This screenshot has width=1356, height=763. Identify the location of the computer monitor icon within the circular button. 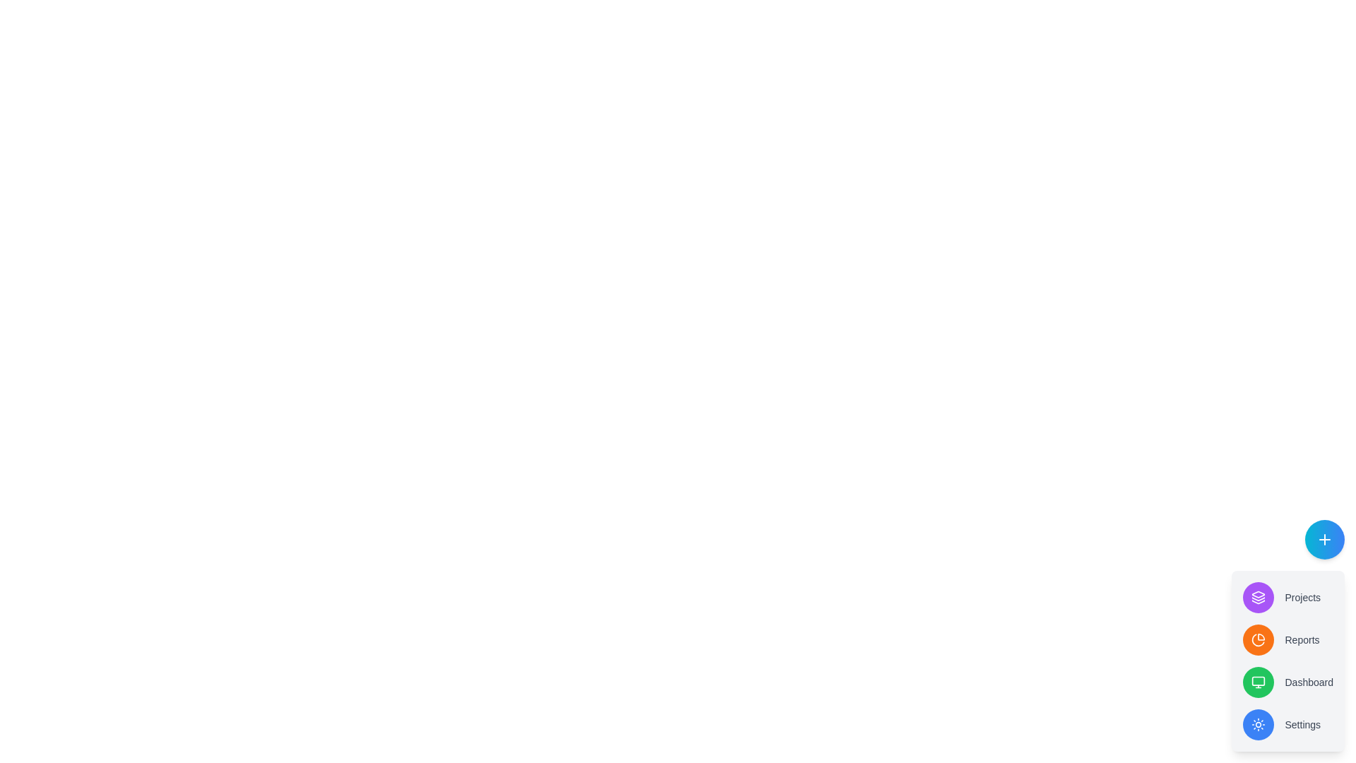
(1258, 681).